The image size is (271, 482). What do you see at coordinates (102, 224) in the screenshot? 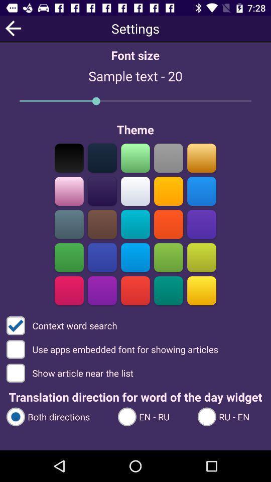
I see `pick this theme` at bounding box center [102, 224].